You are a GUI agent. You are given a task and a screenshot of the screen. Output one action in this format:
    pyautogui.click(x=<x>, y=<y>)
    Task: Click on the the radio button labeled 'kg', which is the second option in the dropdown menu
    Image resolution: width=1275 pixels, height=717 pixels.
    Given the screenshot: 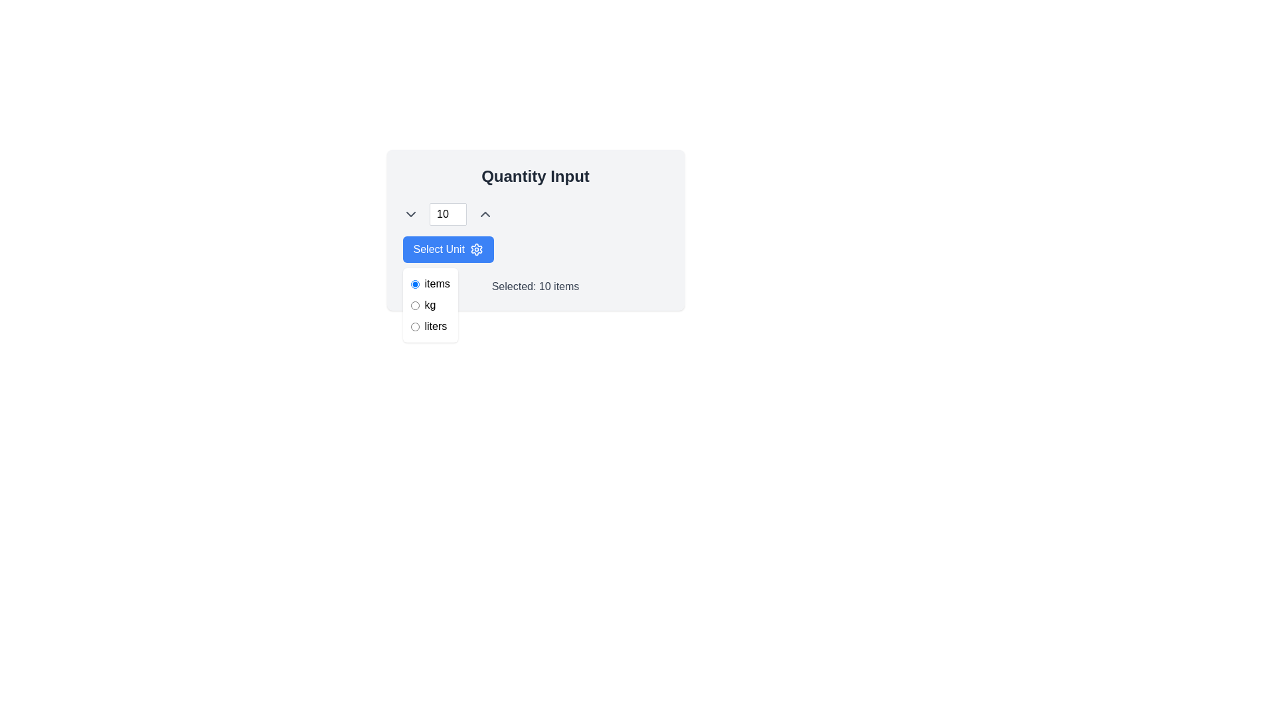 What is the action you would take?
    pyautogui.click(x=430, y=305)
    